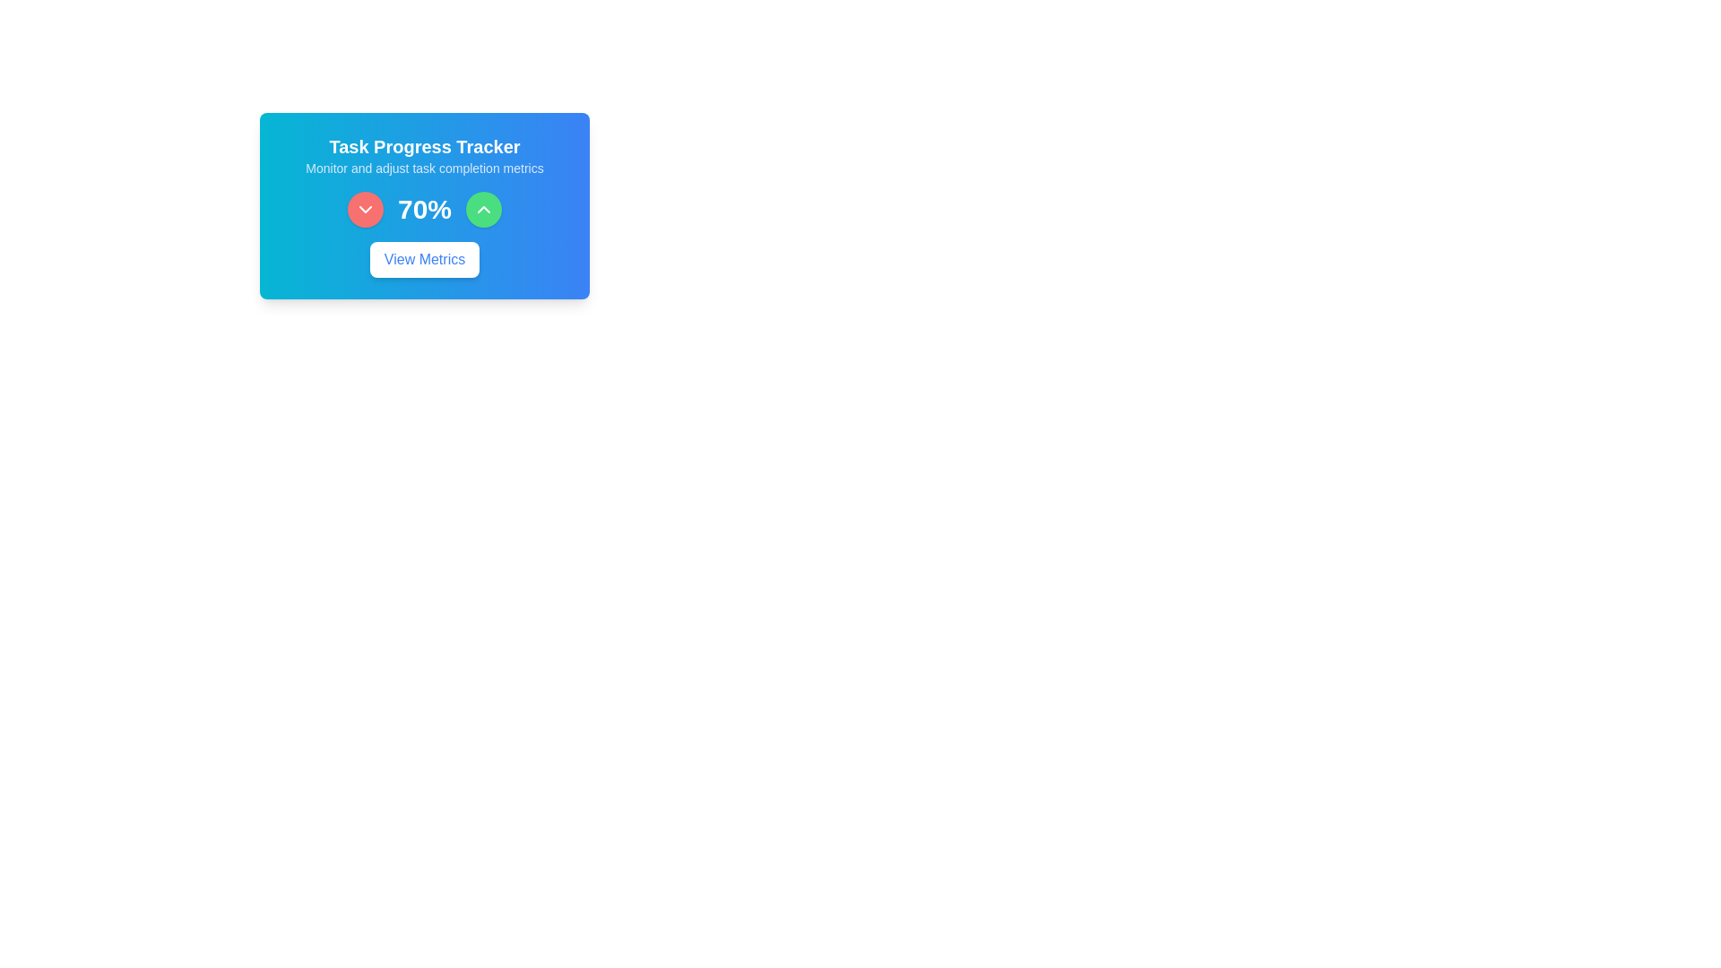 The width and height of the screenshot is (1721, 968). What do you see at coordinates (484, 209) in the screenshot?
I see `the circular button with a green background and white upward arrow icon to observe the hover effect` at bounding box center [484, 209].